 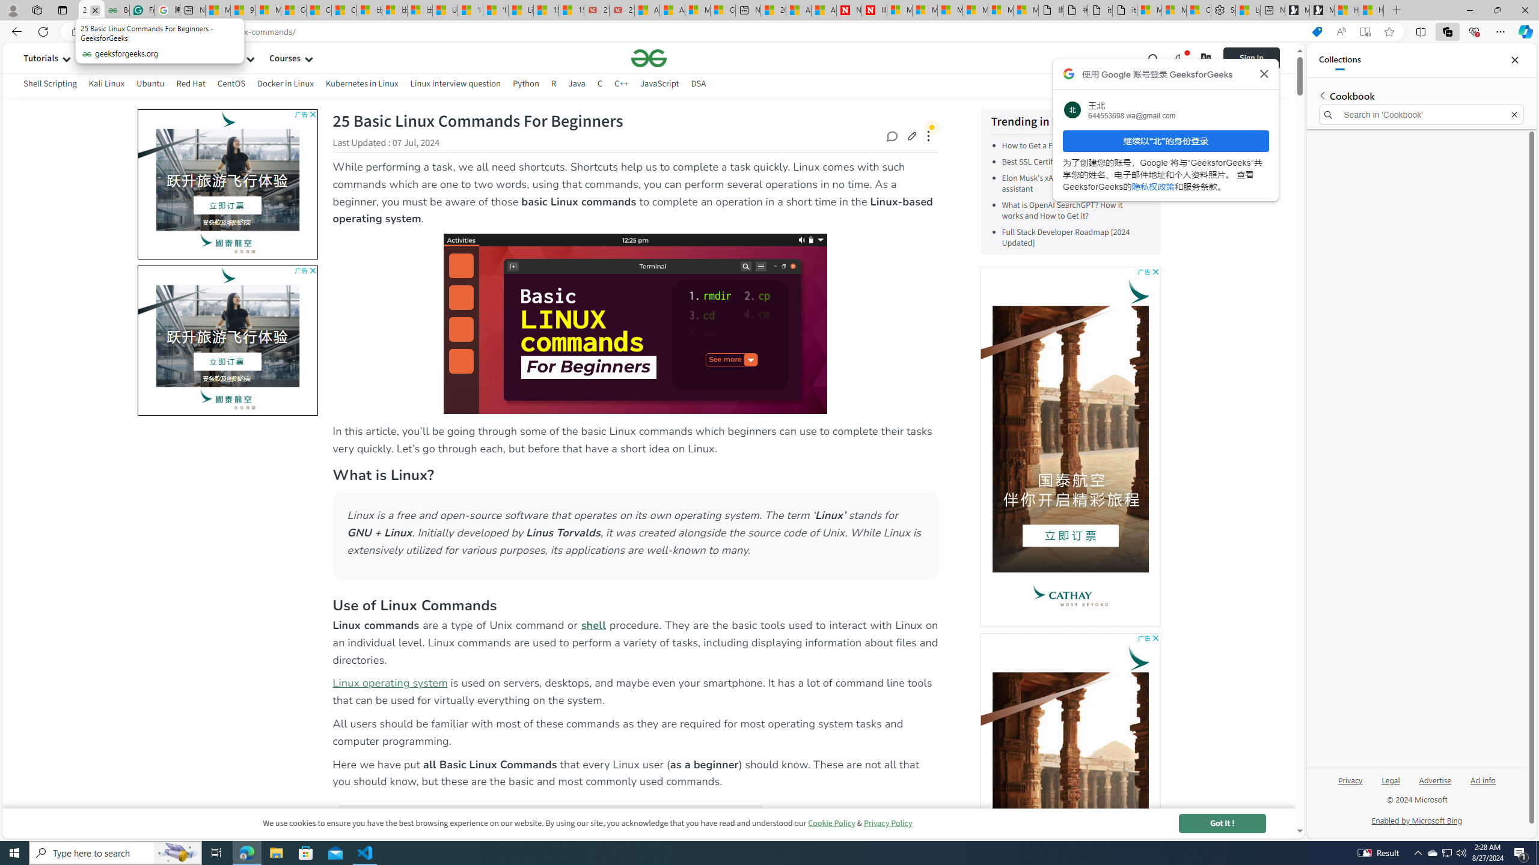 What do you see at coordinates (620, 85) in the screenshot?
I see `'C++'` at bounding box center [620, 85].